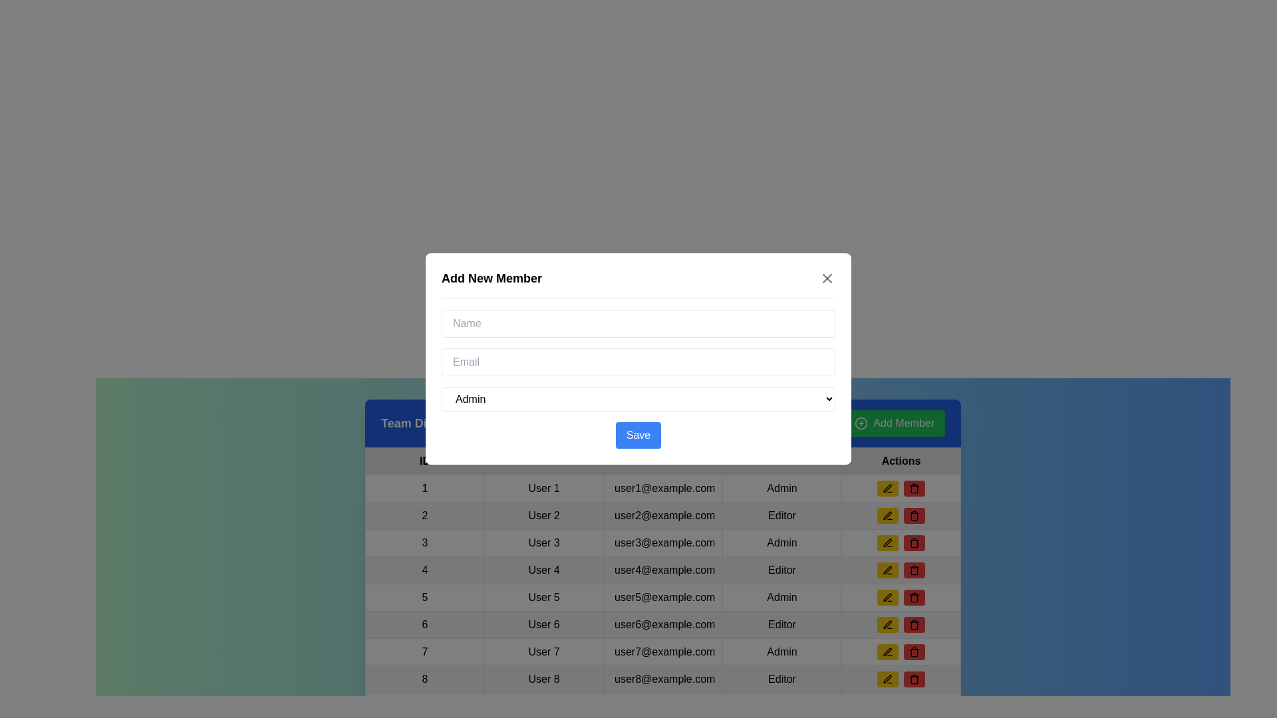 The width and height of the screenshot is (1277, 718). I want to click on the editing icon button in the 'Actions' column of the table for 'User 1', so click(887, 489).